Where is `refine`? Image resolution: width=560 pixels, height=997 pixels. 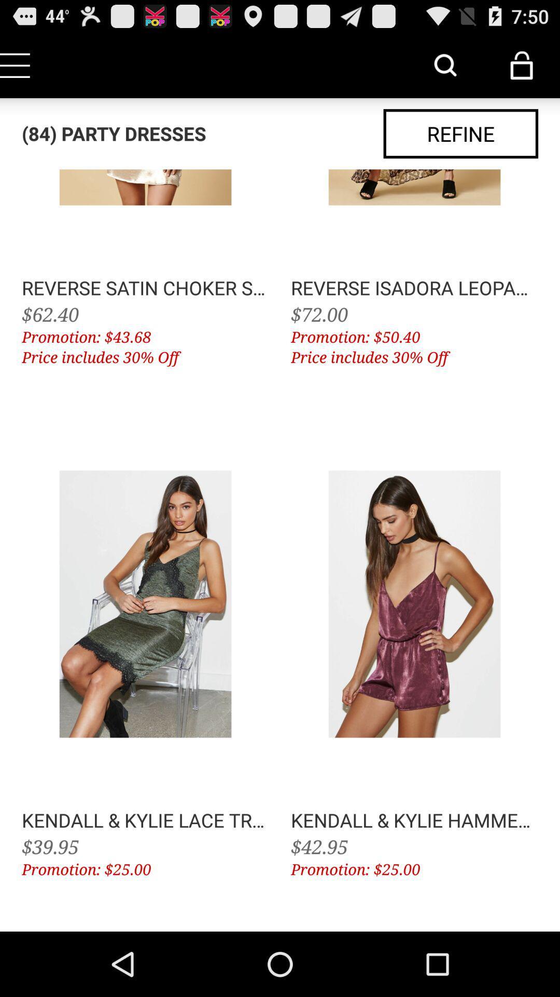 refine is located at coordinates (460, 133).